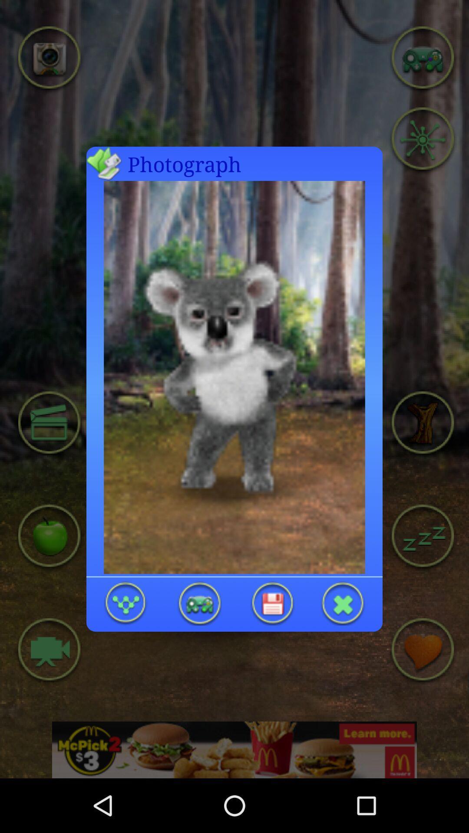  What do you see at coordinates (343, 603) in the screenshot?
I see `exite photo` at bounding box center [343, 603].